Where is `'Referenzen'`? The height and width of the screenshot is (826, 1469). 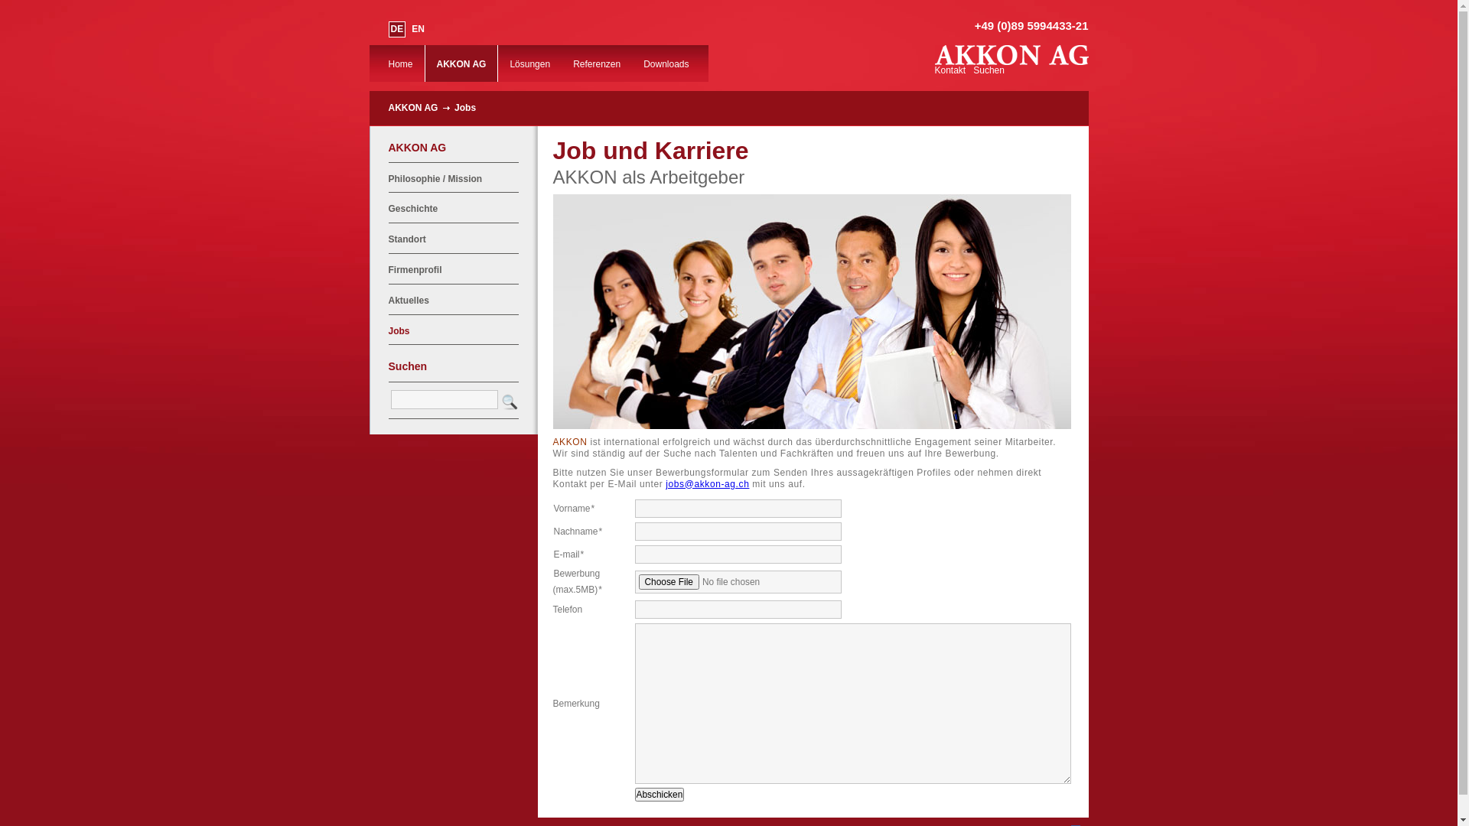
'Referenzen' is located at coordinates (595, 63).